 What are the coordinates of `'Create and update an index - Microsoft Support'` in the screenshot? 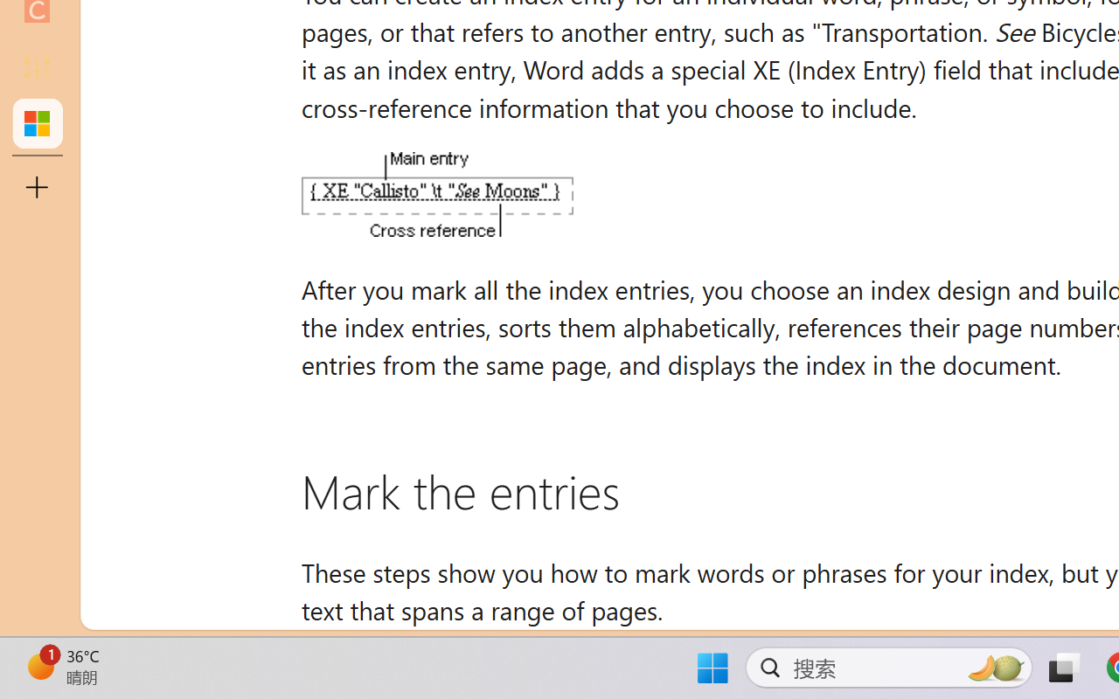 It's located at (37, 122).